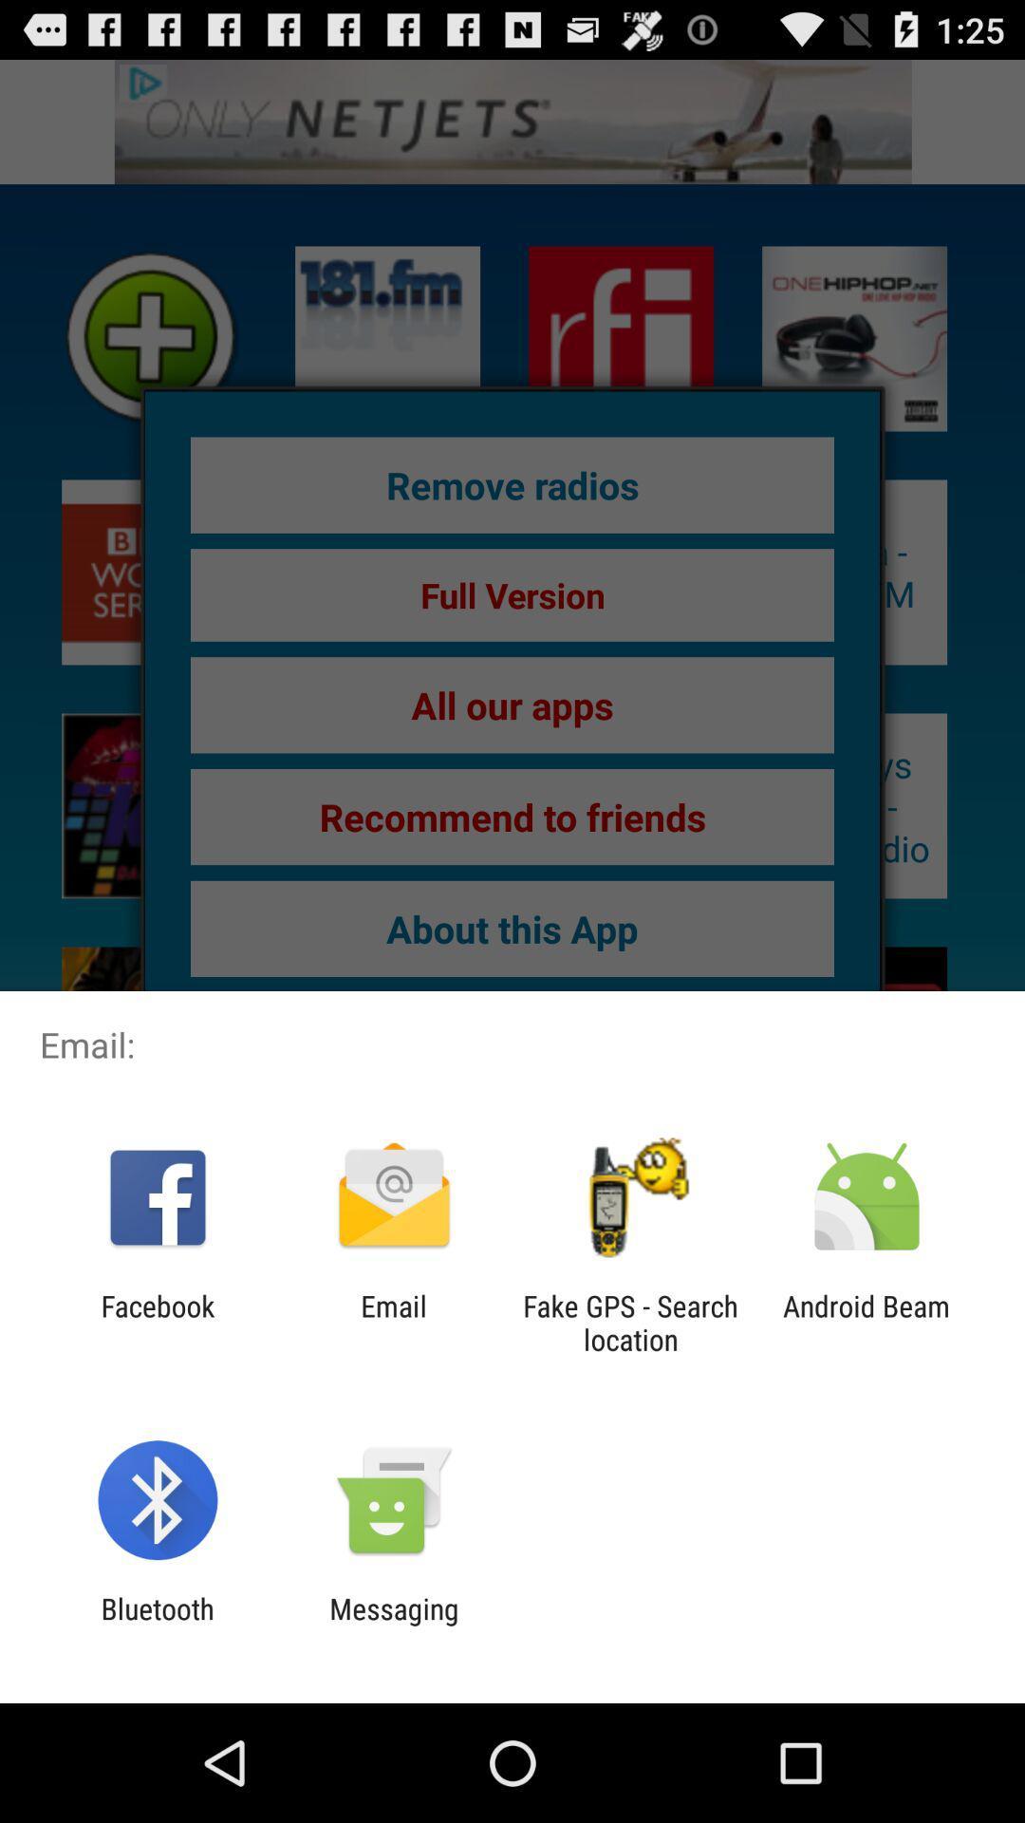  I want to click on the android beam app, so click(867, 1322).